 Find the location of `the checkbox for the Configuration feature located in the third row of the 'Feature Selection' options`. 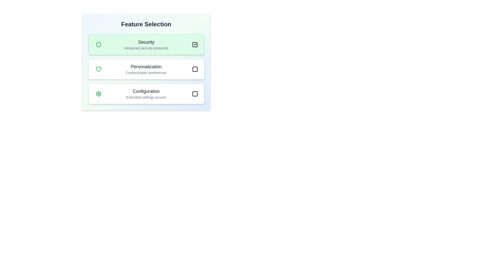

the checkbox for the Configuration feature located in the third row of the 'Feature Selection' options is located at coordinates (195, 94).